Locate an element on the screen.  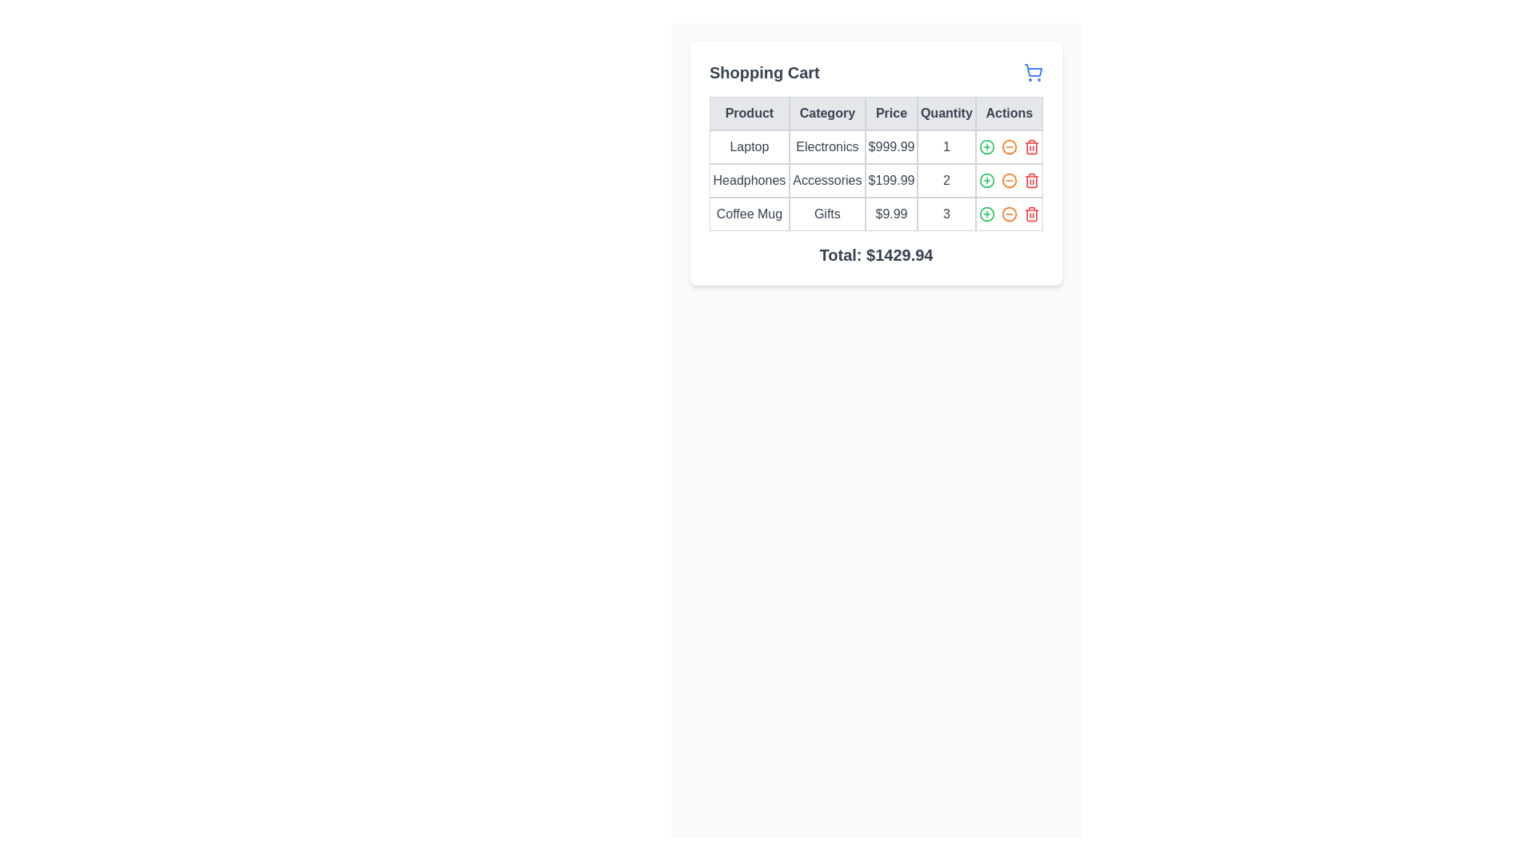
the table cell is located at coordinates (946, 147).